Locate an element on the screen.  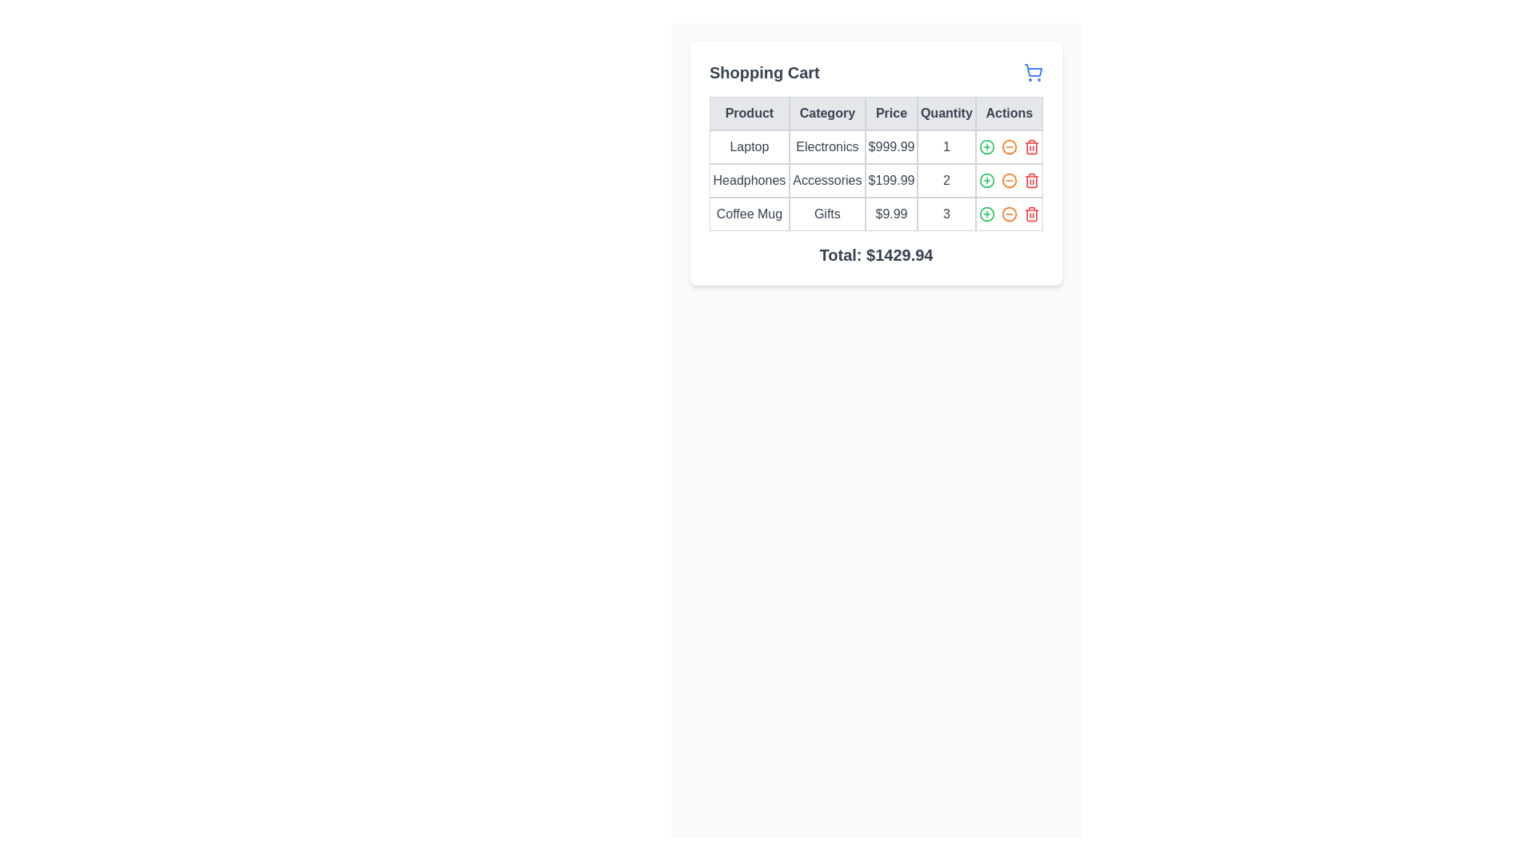
the table cell is located at coordinates (946, 147).